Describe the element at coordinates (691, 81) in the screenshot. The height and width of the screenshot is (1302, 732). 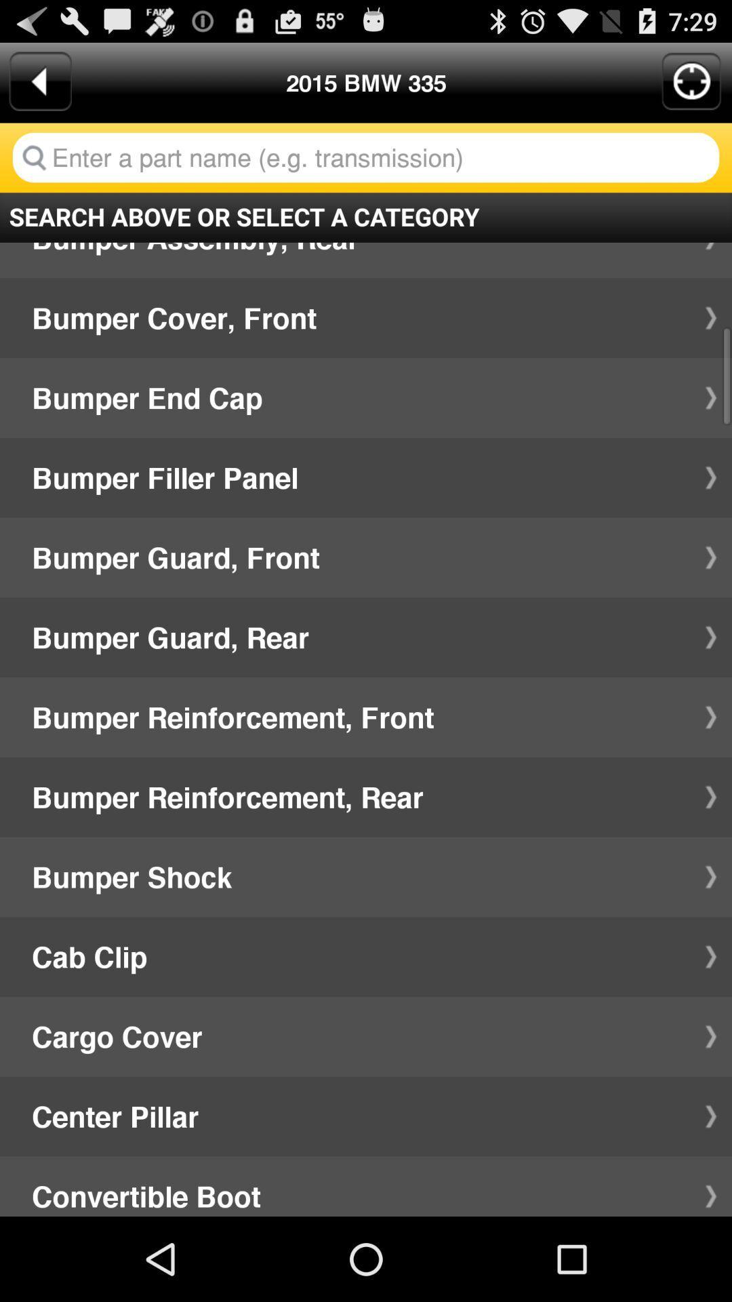
I see `the app next to the 2015 bmw 335 app` at that location.